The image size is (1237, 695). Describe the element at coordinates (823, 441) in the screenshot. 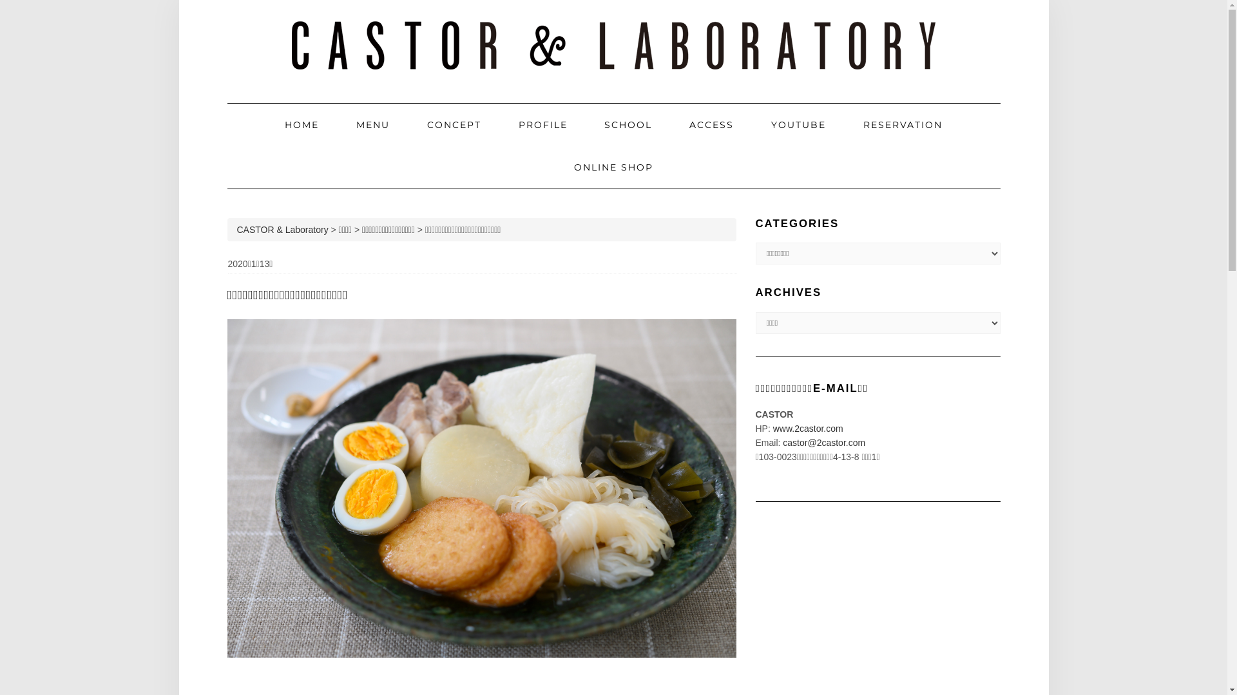

I see `'castor@2castor.com'` at that location.